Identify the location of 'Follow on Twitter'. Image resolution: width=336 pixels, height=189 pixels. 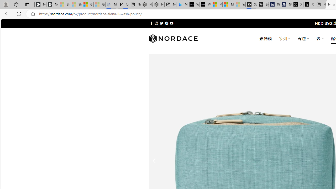
(161, 23).